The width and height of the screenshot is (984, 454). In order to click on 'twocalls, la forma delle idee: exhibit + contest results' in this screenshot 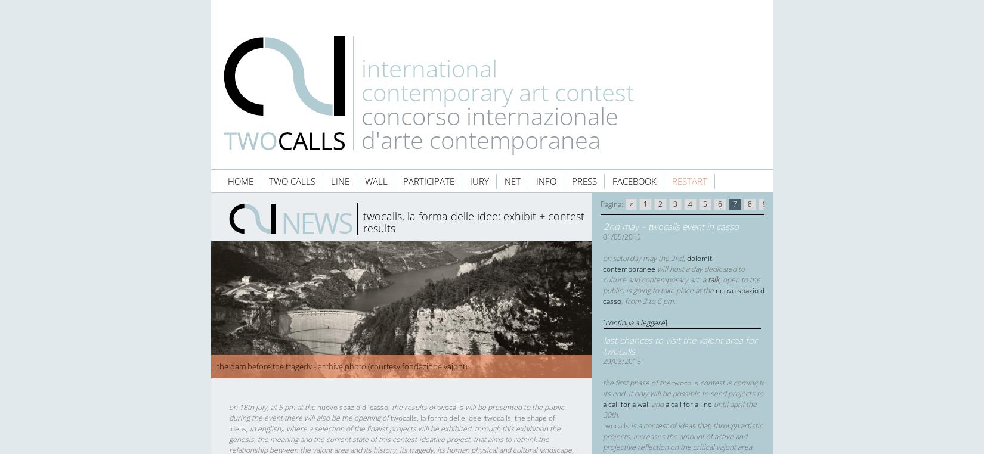, I will do `click(363, 222)`.